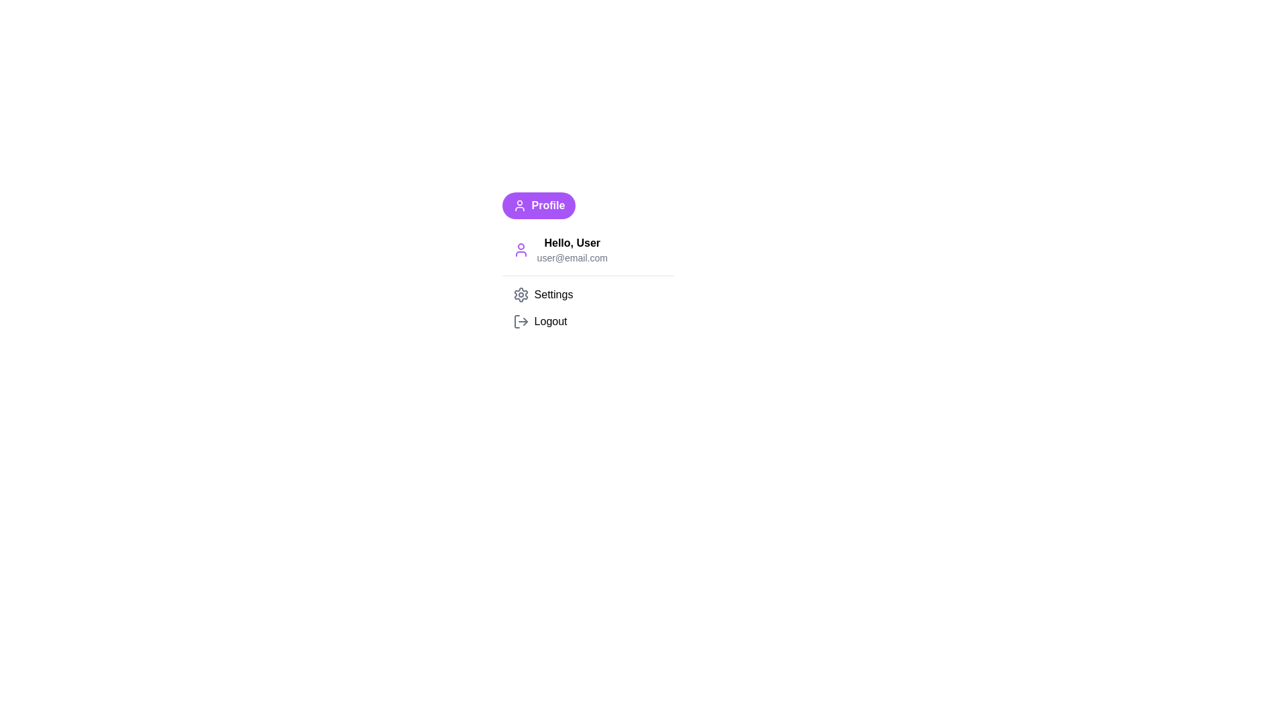 The image size is (1288, 724). Describe the element at coordinates (588, 321) in the screenshot. I see `the 'Logout' option in the dropdown menu` at that location.